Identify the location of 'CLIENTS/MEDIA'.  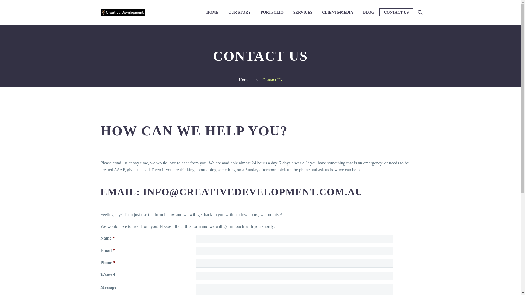
(337, 12).